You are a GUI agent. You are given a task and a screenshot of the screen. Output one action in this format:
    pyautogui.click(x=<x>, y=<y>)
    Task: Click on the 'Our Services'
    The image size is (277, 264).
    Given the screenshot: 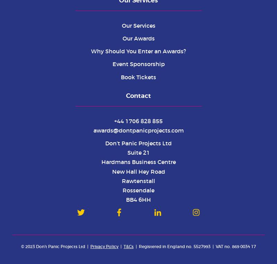 What is the action you would take?
    pyautogui.click(x=121, y=25)
    